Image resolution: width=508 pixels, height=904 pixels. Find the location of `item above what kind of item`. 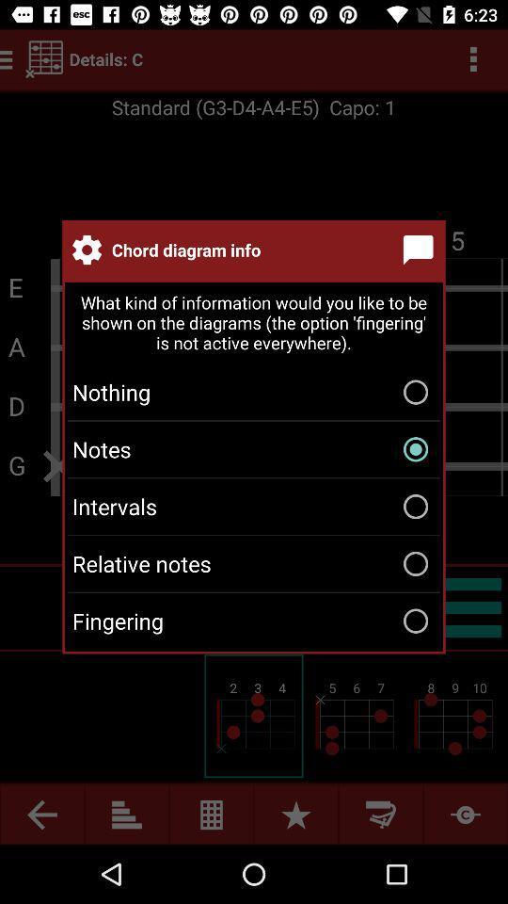

item above what kind of item is located at coordinates (421, 249).